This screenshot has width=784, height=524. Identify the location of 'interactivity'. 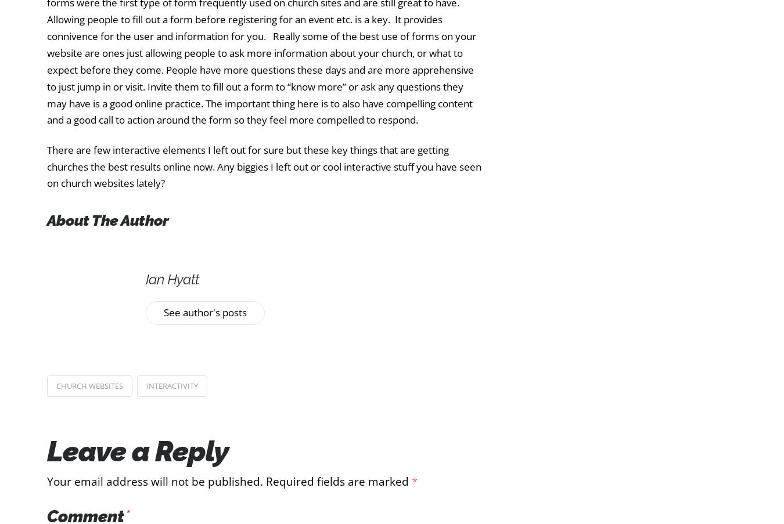
(171, 384).